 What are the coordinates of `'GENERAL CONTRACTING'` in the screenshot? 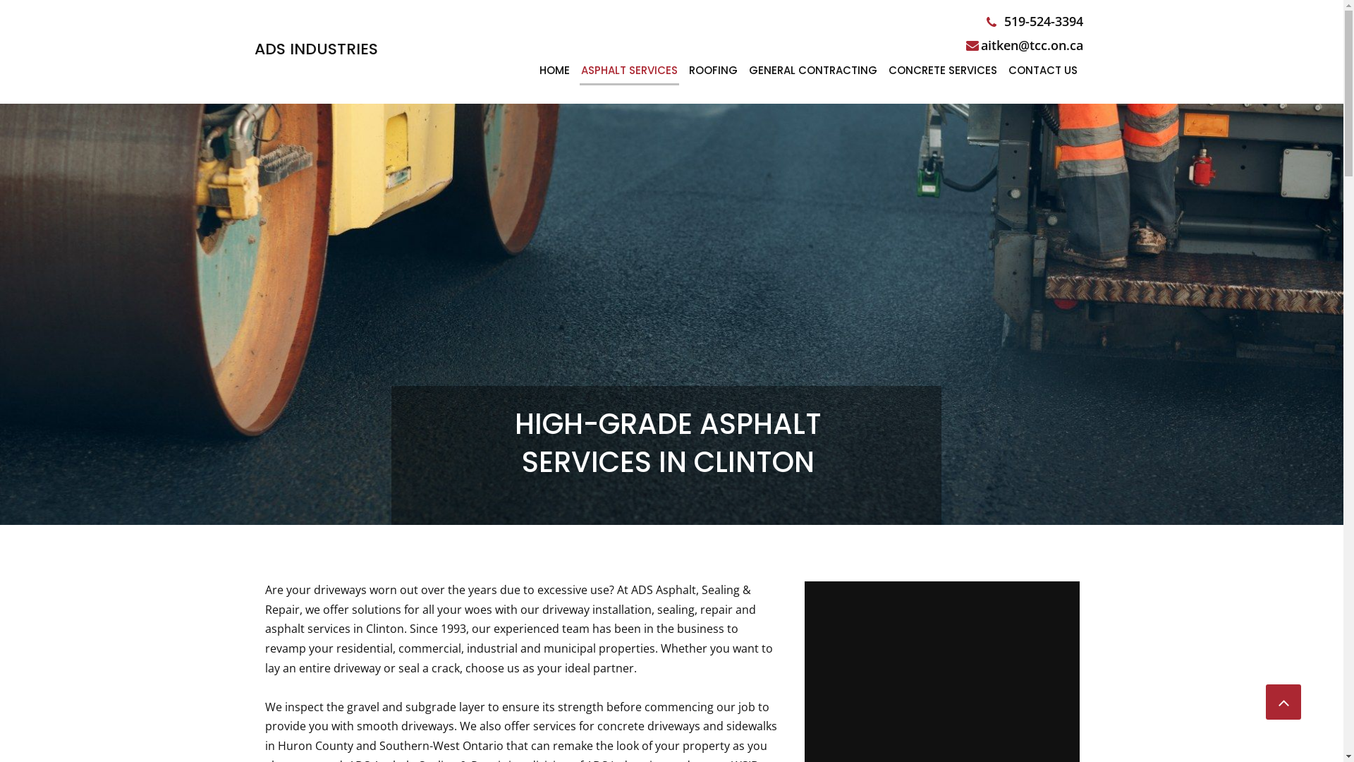 It's located at (812, 71).